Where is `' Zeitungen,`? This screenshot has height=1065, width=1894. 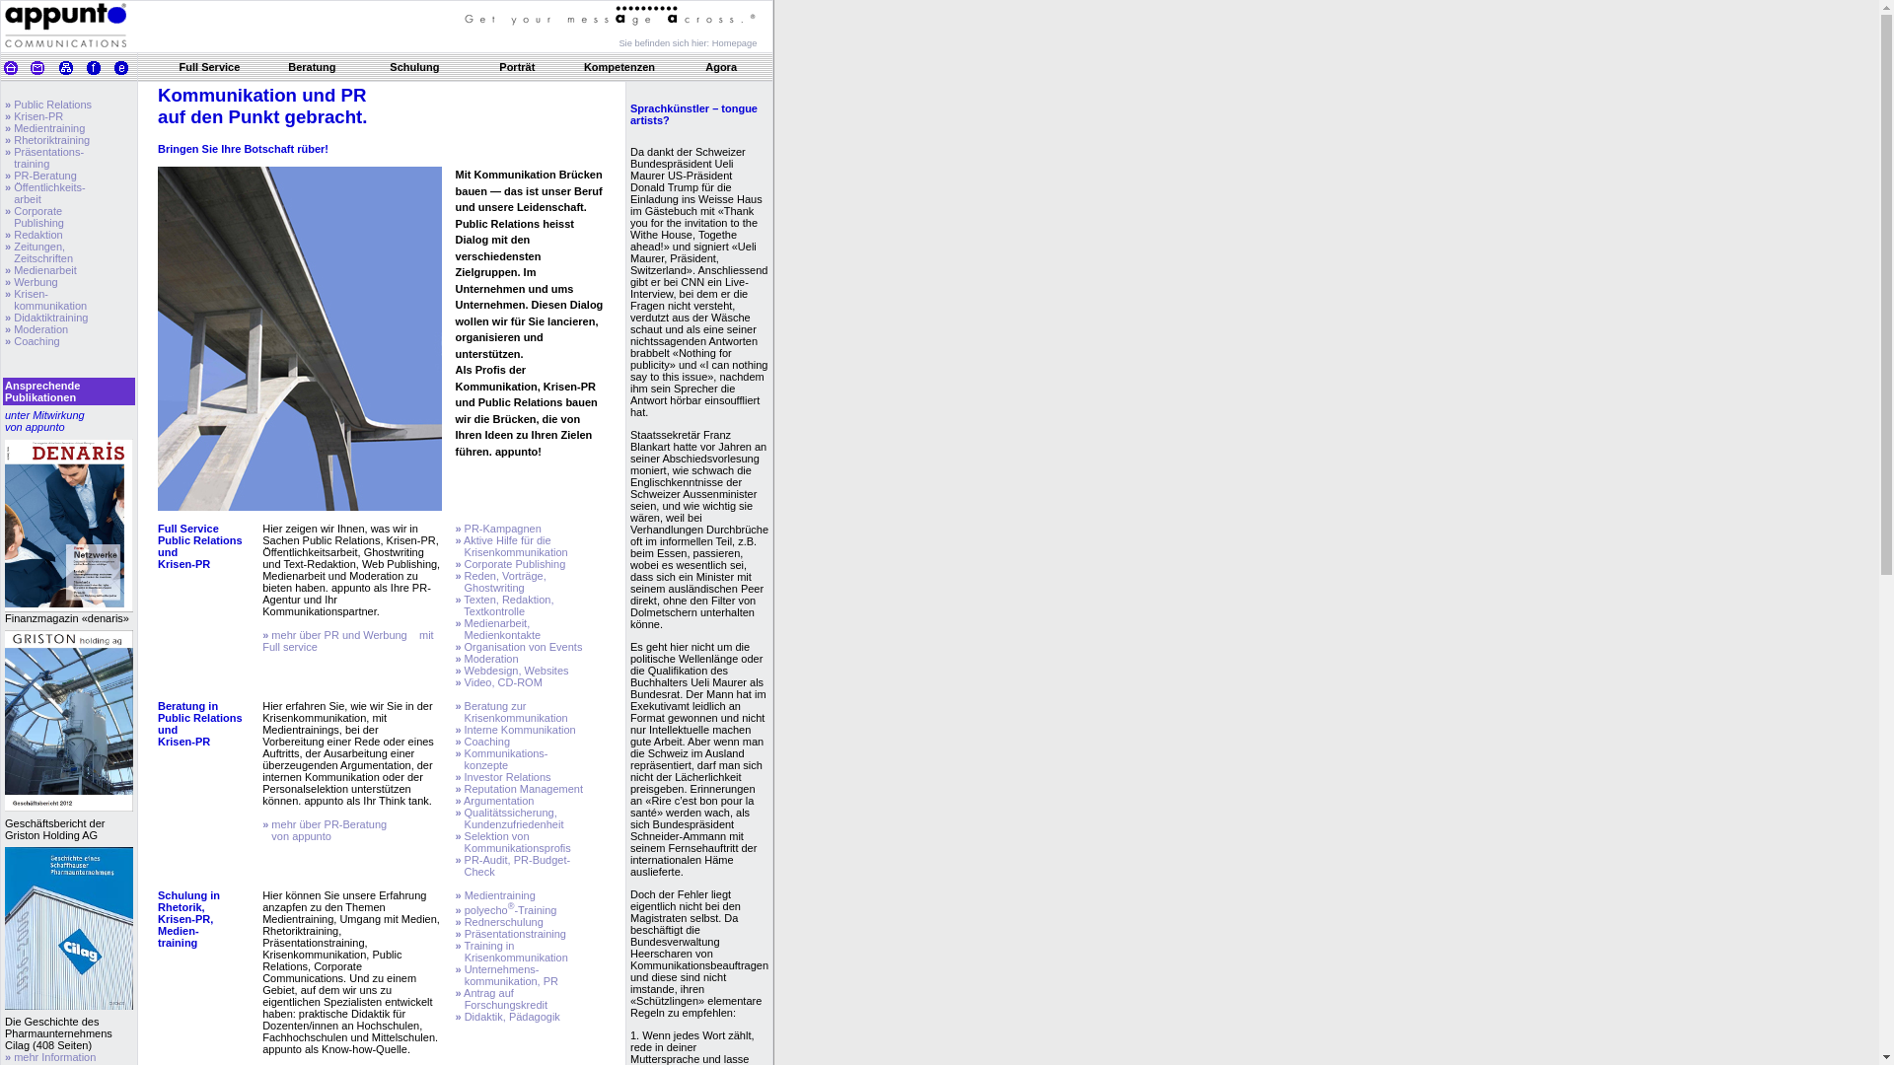 ' Zeitungen, is located at coordinates (38, 250).